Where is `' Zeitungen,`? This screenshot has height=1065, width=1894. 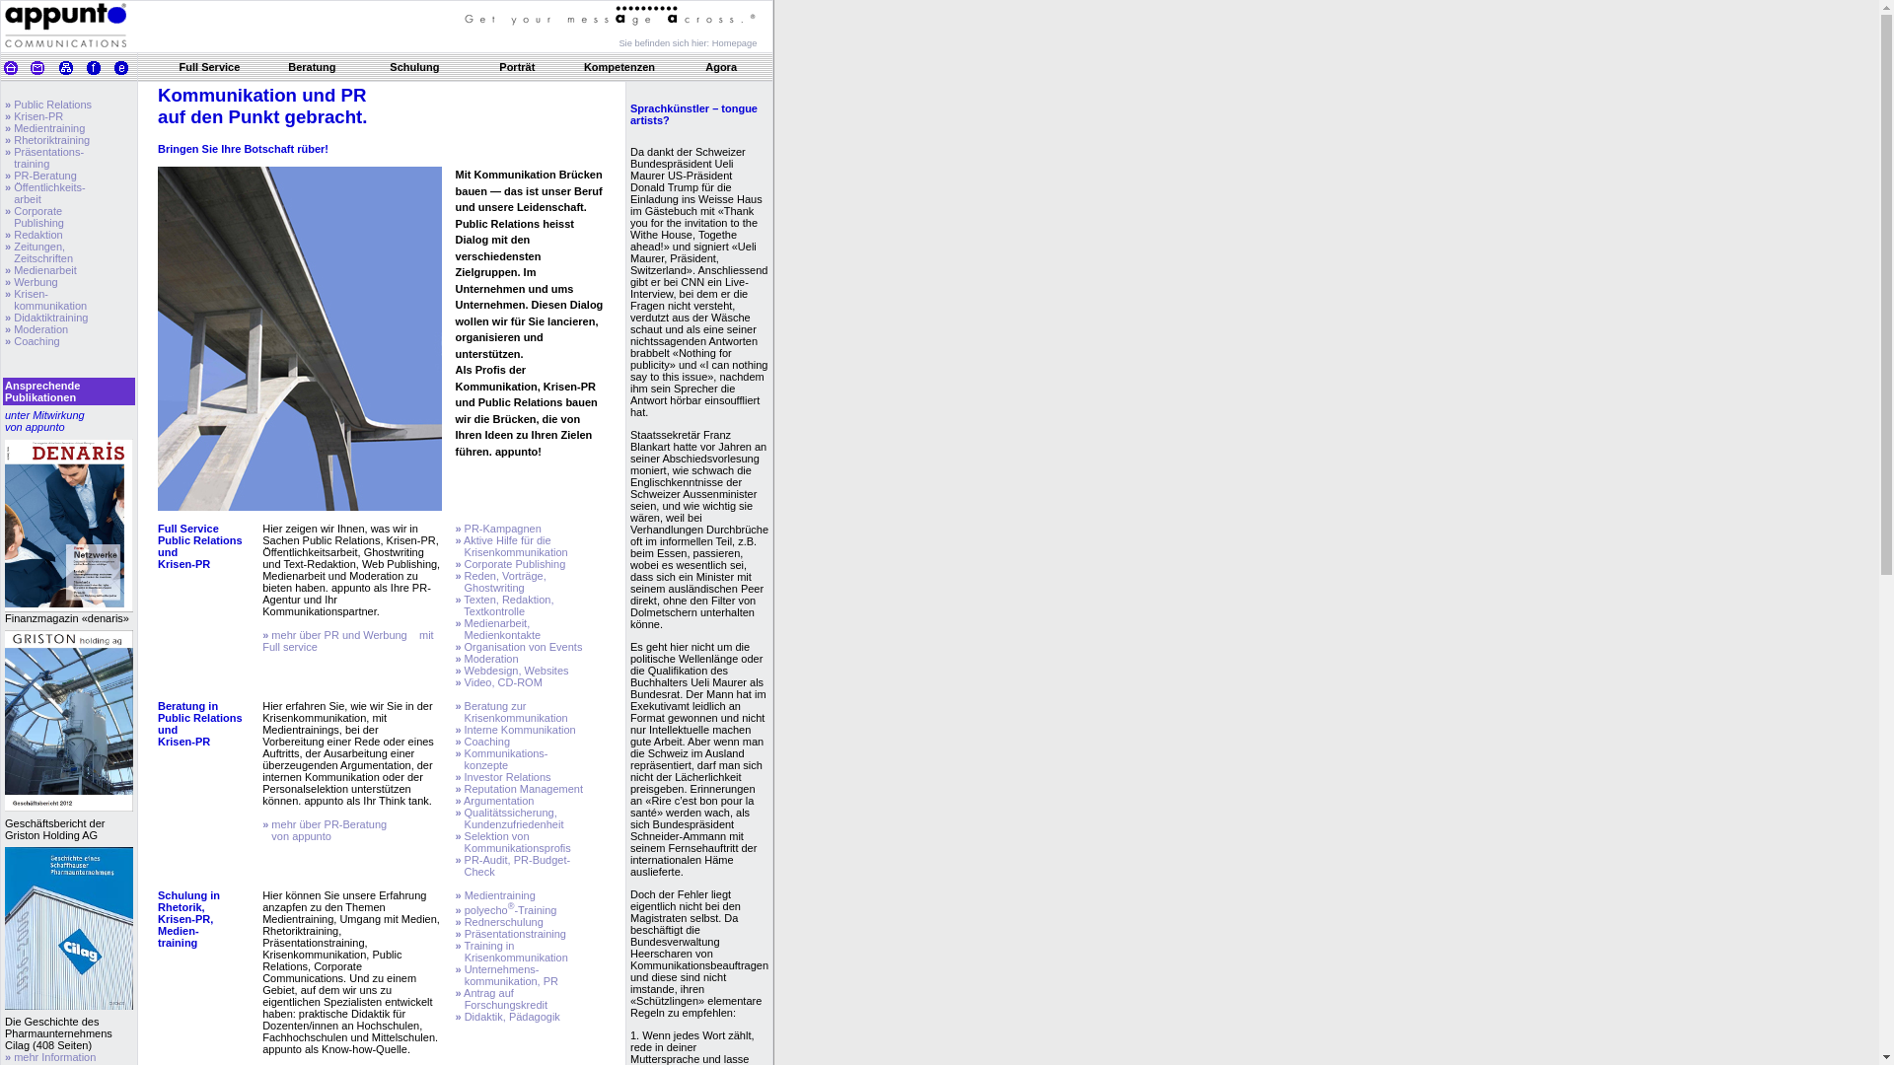 ' Zeitungen, is located at coordinates (38, 250).